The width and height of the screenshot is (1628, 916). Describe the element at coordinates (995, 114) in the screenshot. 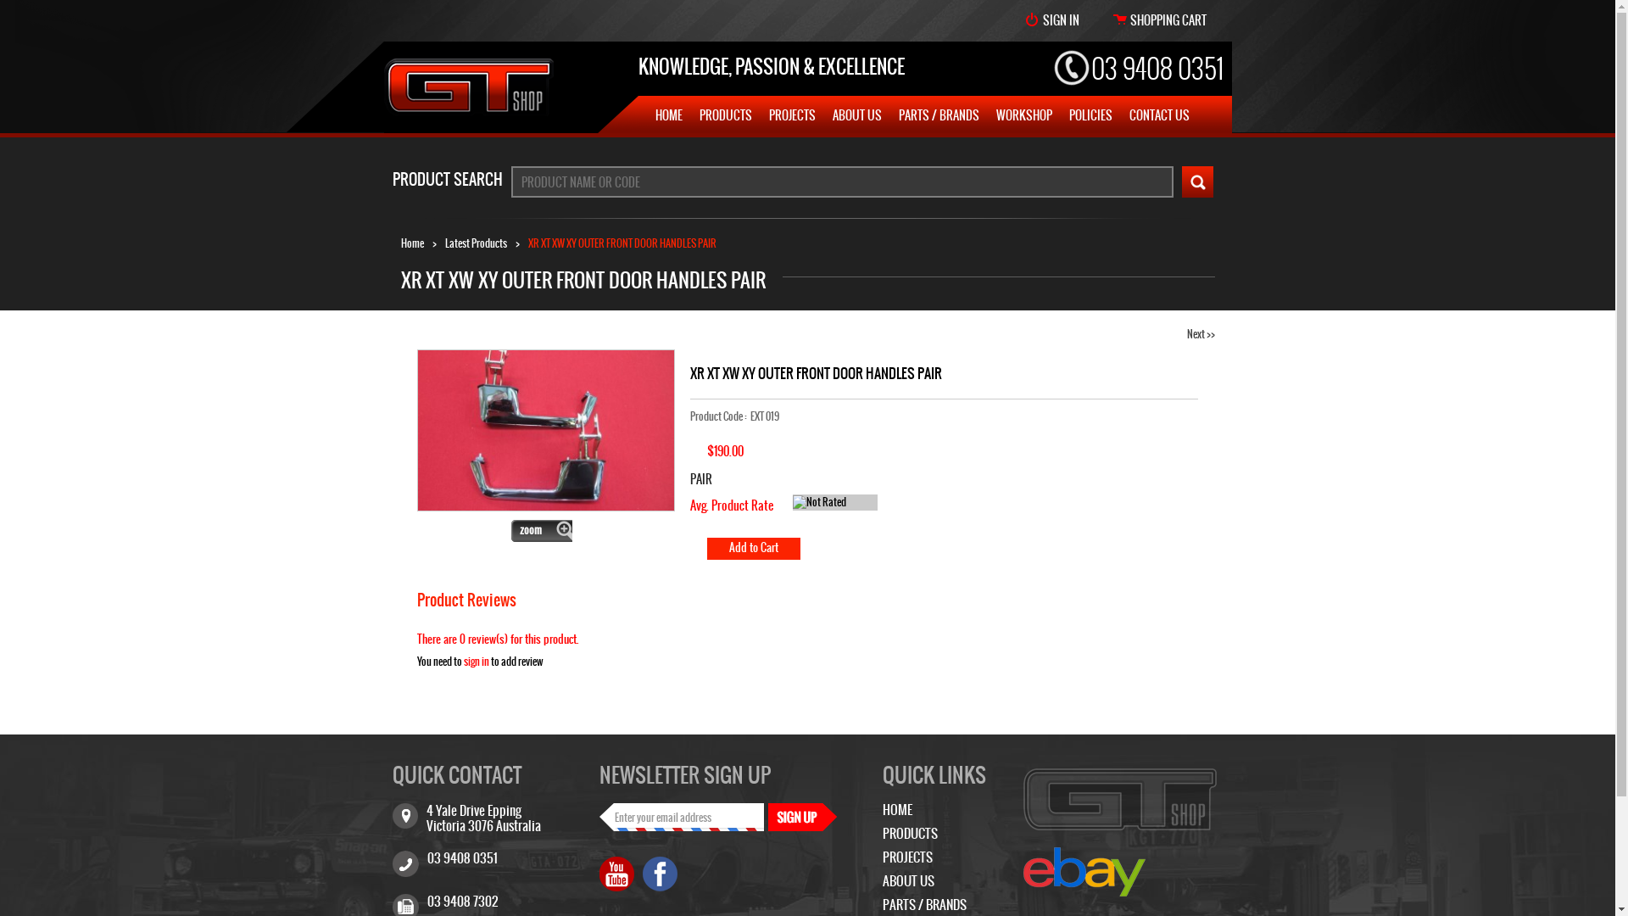

I see `'WORKSHOP'` at that location.